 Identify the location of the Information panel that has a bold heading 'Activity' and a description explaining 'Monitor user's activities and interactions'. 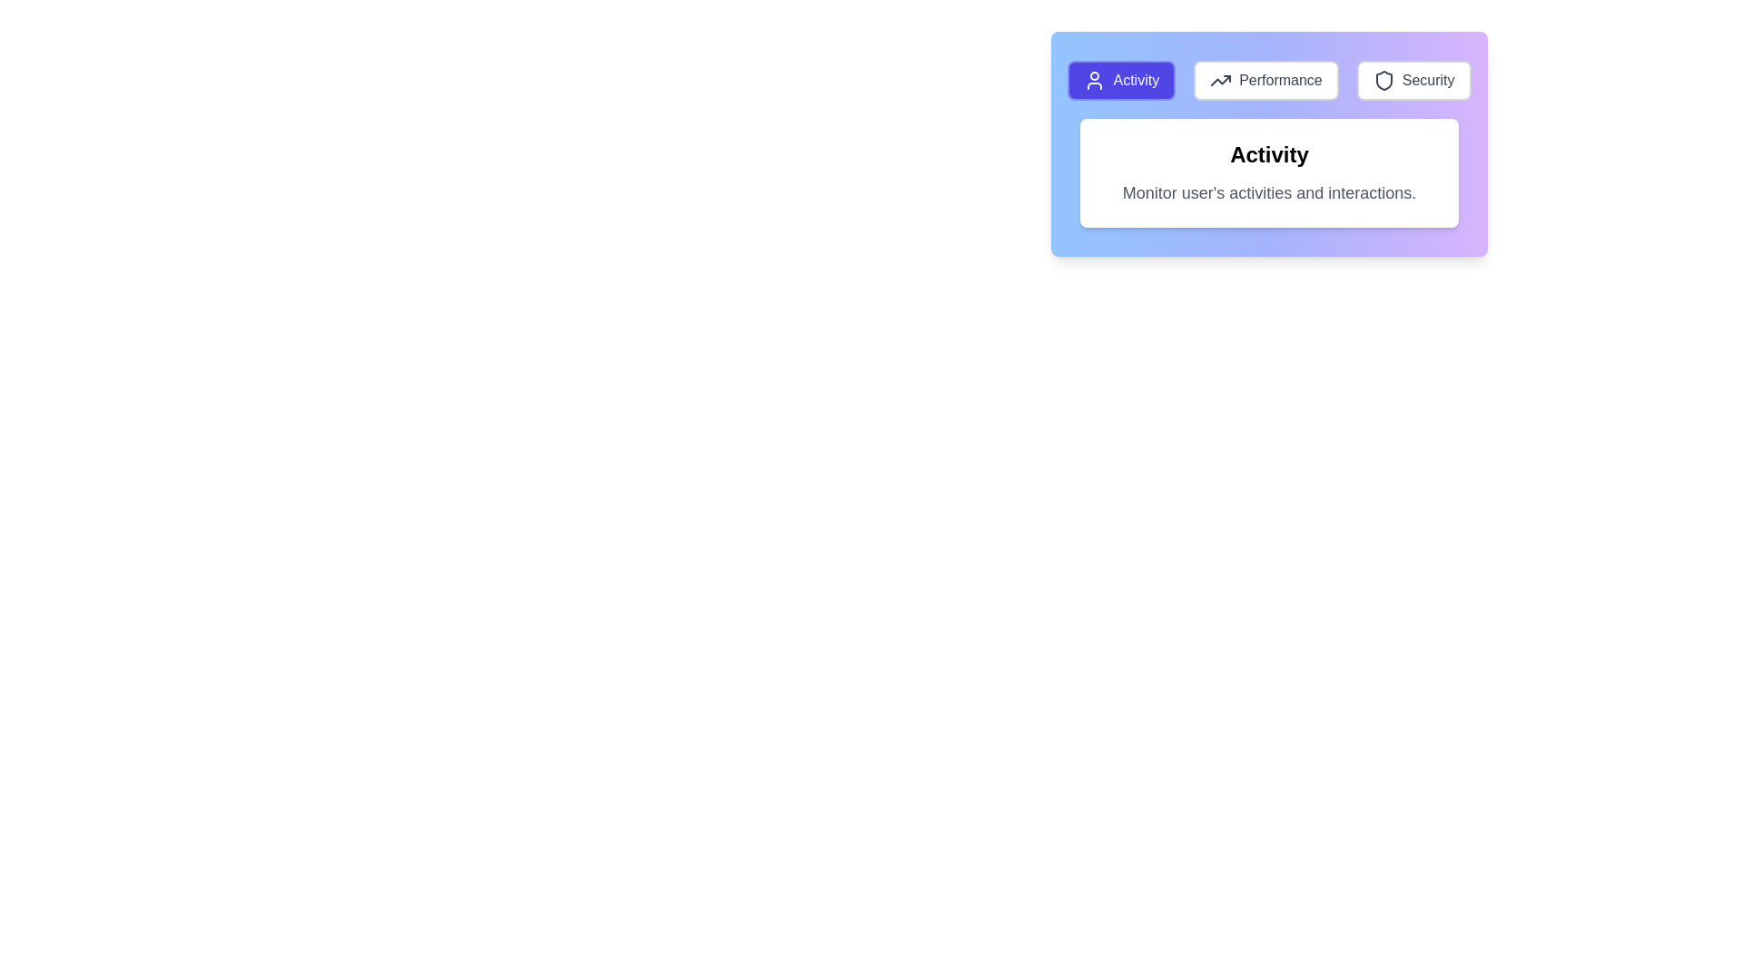
(1268, 167).